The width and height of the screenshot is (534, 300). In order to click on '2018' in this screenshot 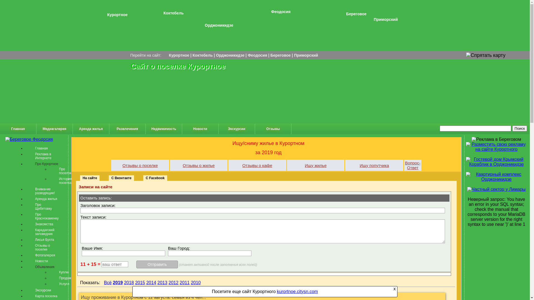, I will do `click(129, 282)`.